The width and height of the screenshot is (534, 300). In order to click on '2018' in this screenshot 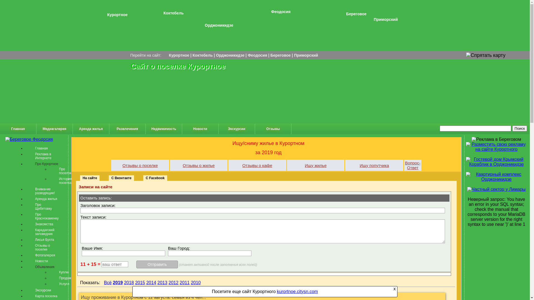, I will do `click(129, 282)`.